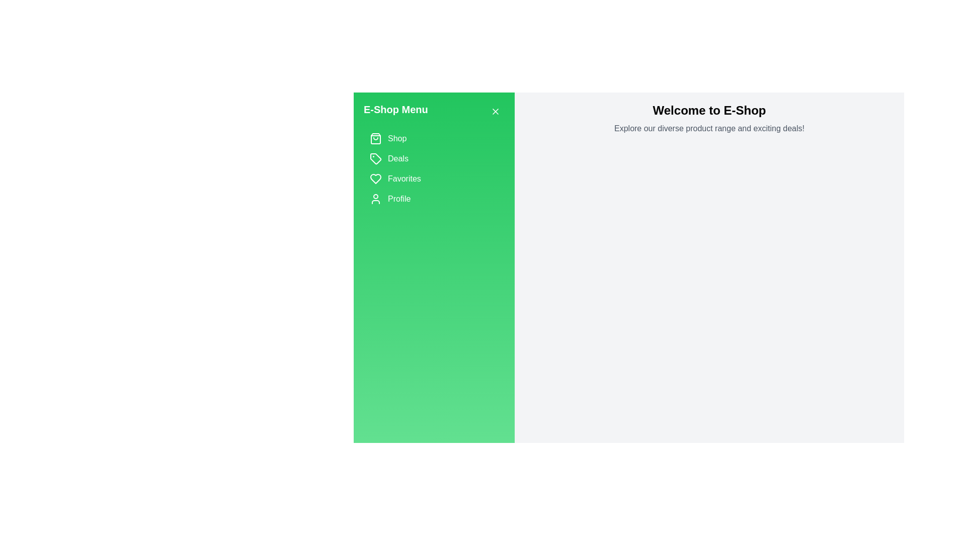  What do you see at coordinates (434, 158) in the screenshot?
I see `the category Deals from the list` at bounding box center [434, 158].